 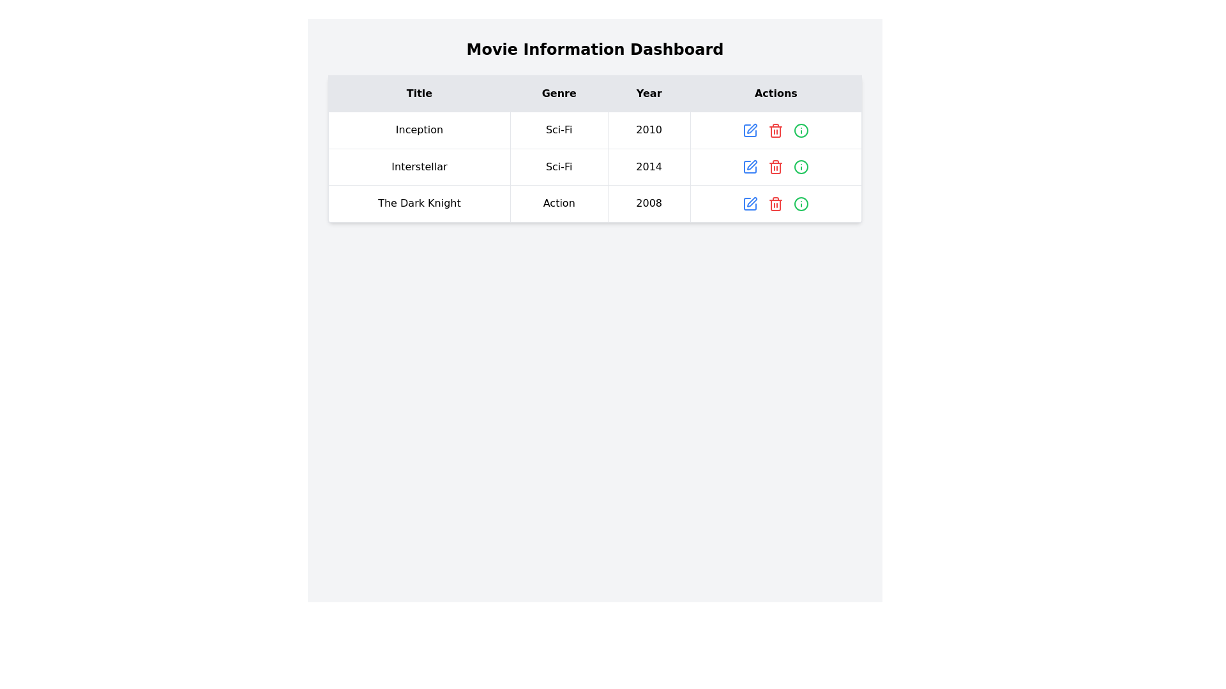 What do you see at coordinates (775, 130) in the screenshot?
I see `the delete icon button in the Actions column of the second row for the movie 'Interstellar'` at bounding box center [775, 130].